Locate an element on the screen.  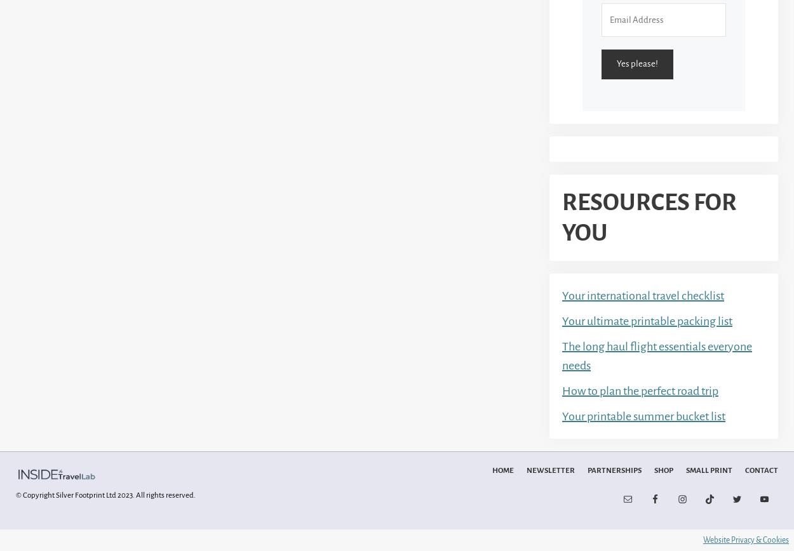
'Your printable summer bucket list' is located at coordinates (643, 415).